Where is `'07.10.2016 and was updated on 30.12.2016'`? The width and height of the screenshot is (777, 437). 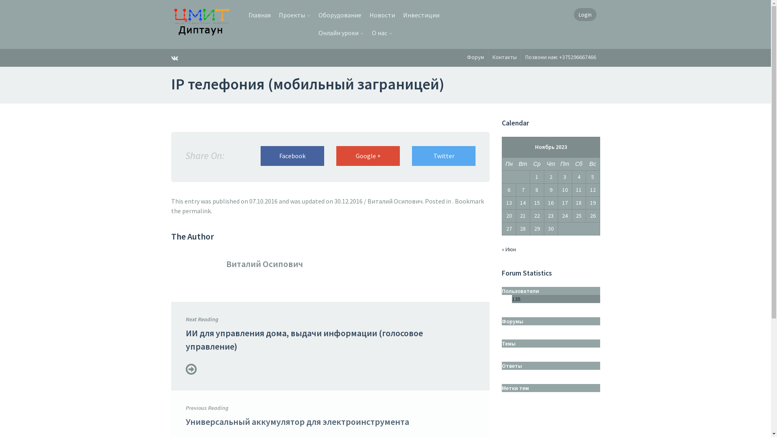 '07.10.2016 and was updated on 30.12.2016' is located at coordinates (248, 201).